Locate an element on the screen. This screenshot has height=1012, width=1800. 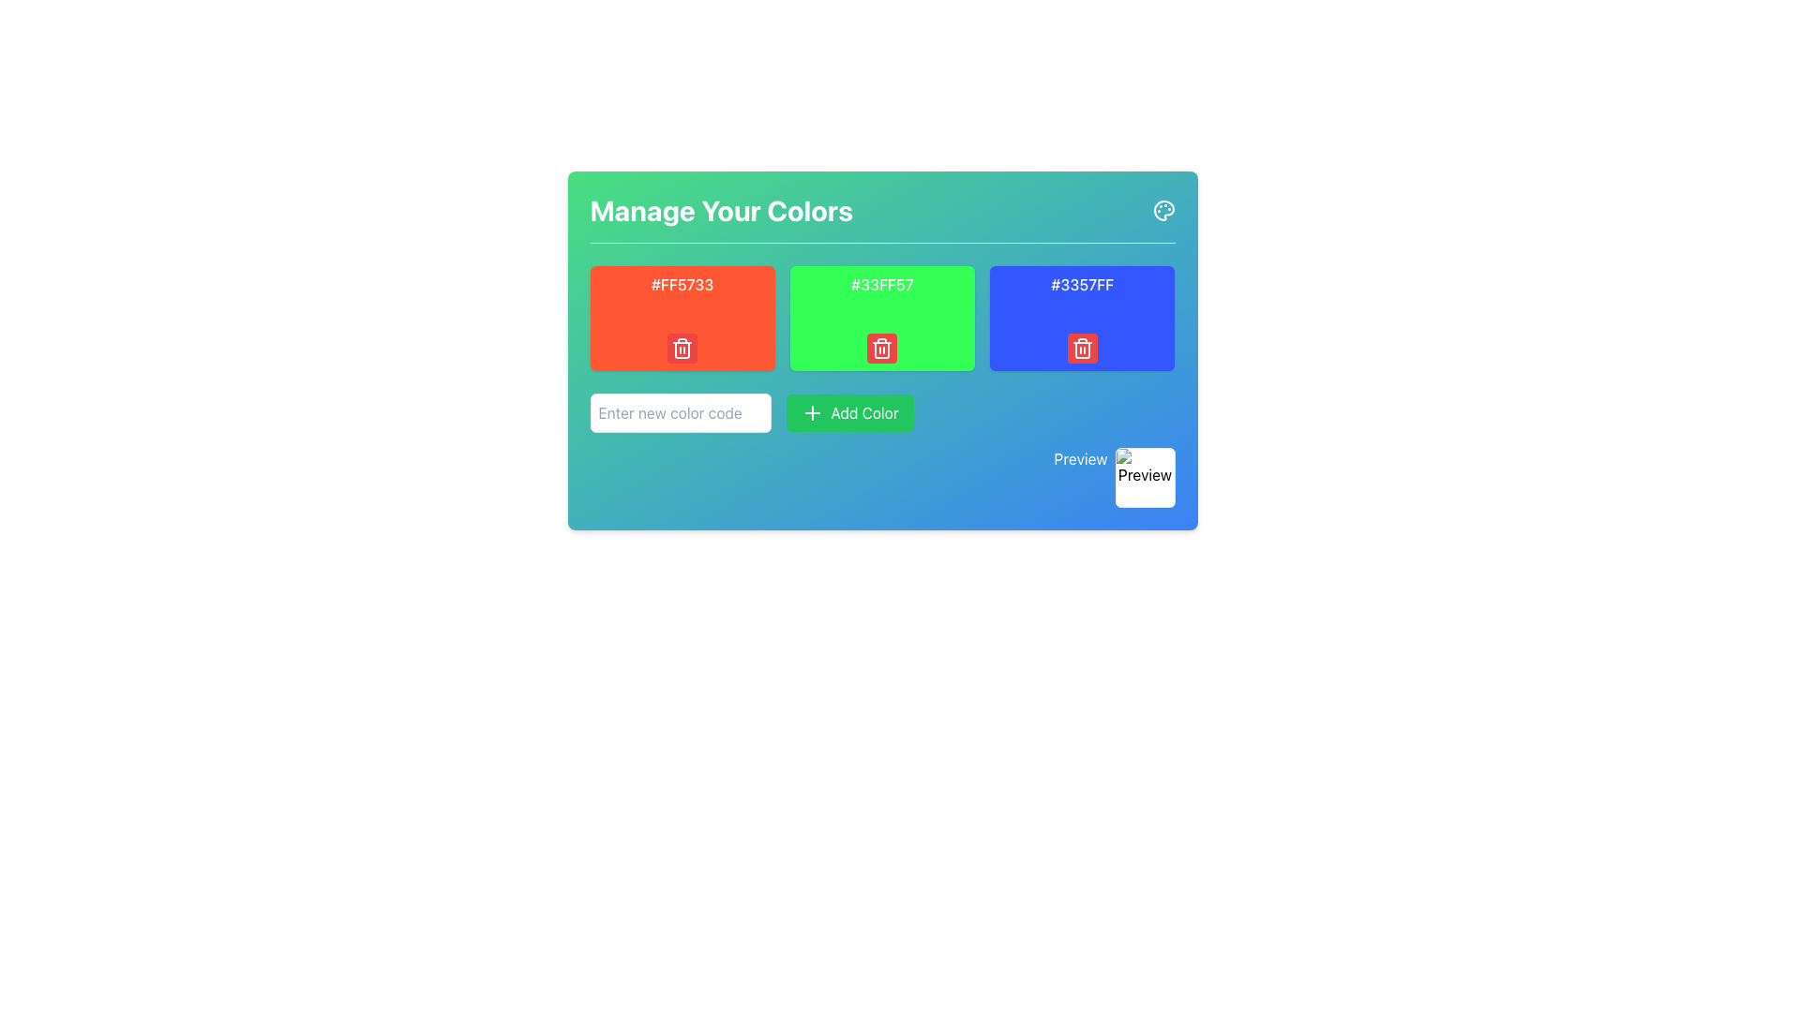
the Text Label that displays the color code, located centrally within the middle green card under the heading 'Manage Your Colors' is located at coordinates (881, 285).